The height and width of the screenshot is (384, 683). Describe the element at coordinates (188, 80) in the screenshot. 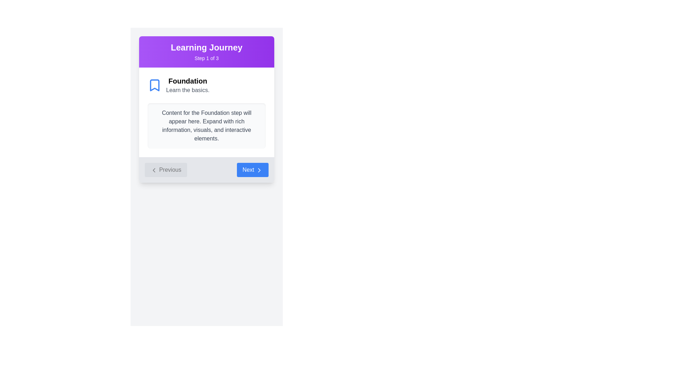

I see `the prominently styled text label reading 'Foundation', which is positioned under the title 'Learning Journey' and aligned to the left above 'Learn the basics'` at that location.